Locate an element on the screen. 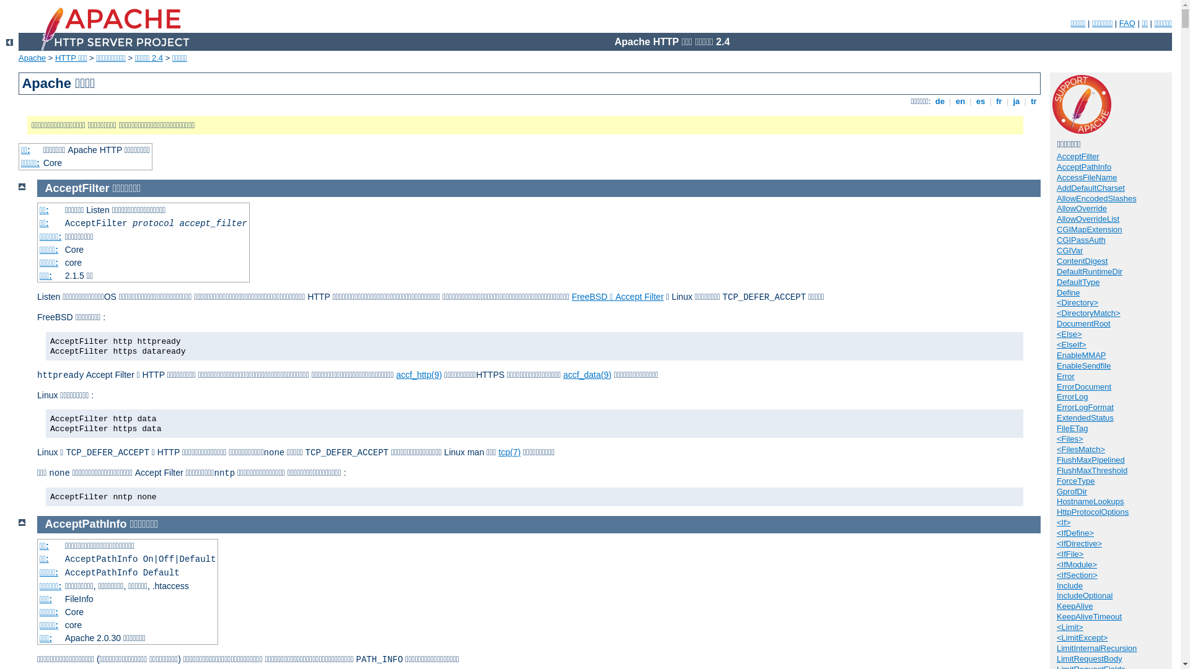 The height and width of the screenshot is (669, 1190). 'HttpProtocolOptions' is located at coordinates (1056, 512).